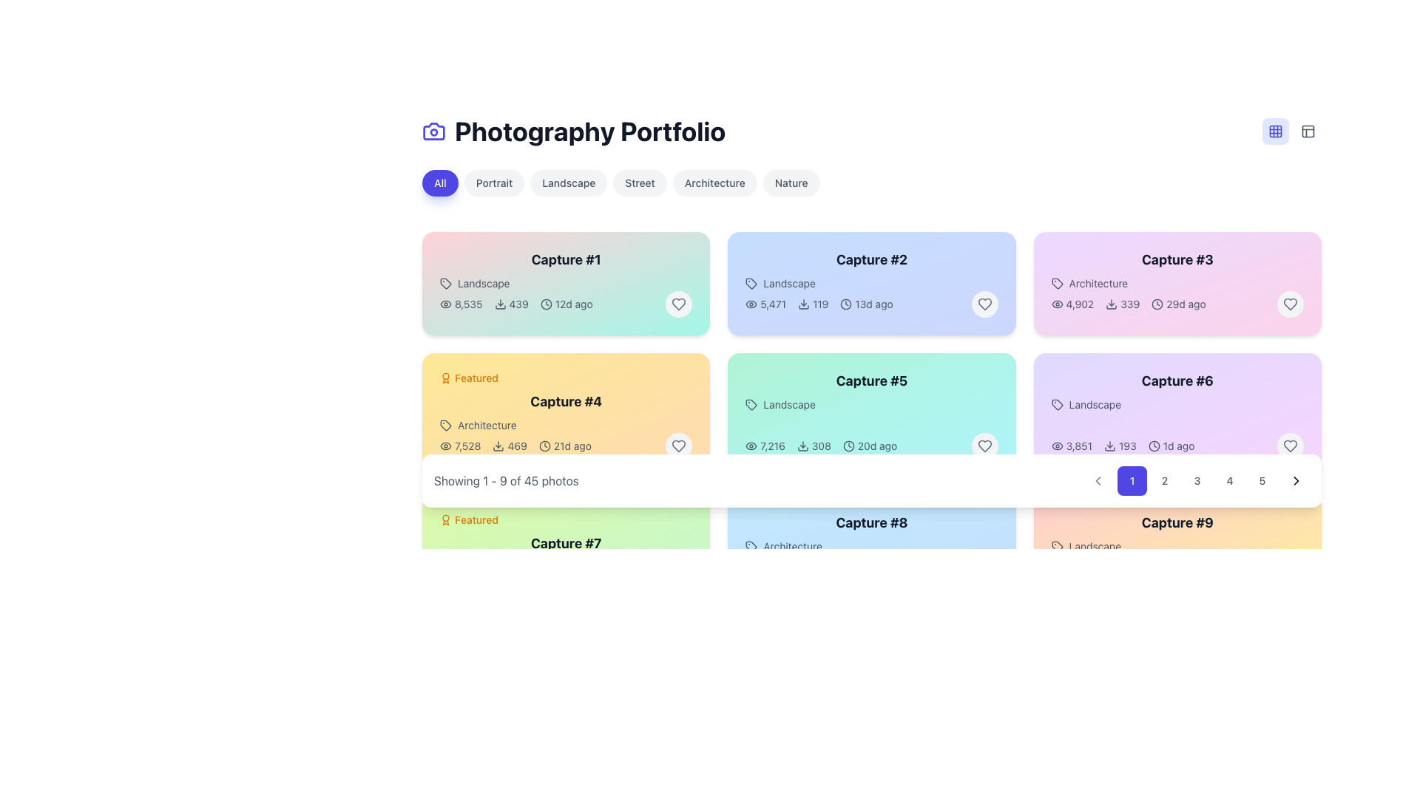 This screenshot has width=1420, height=798. I want to click on the statistics data displayed by the Statistics display for 'Capture #3', which shows views, downloads, and time elapsed since upload, so click(1128, 304).